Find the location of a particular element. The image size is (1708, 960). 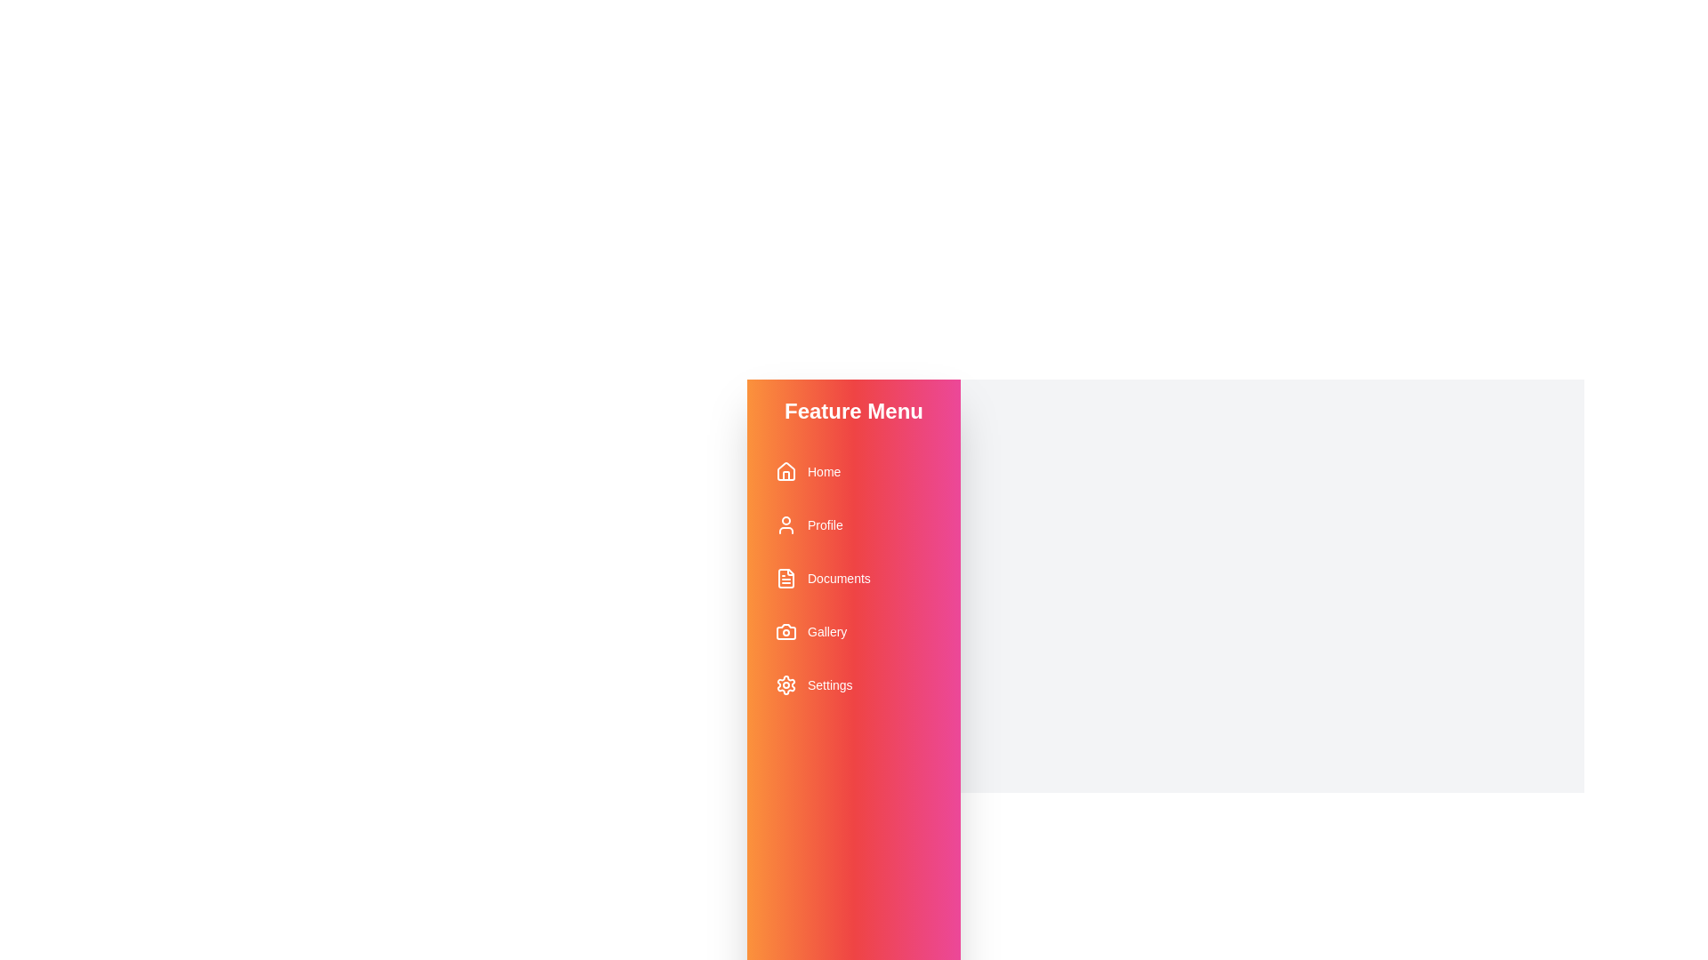

the menu item Documents to navigate is located at coordinates (854, 579).